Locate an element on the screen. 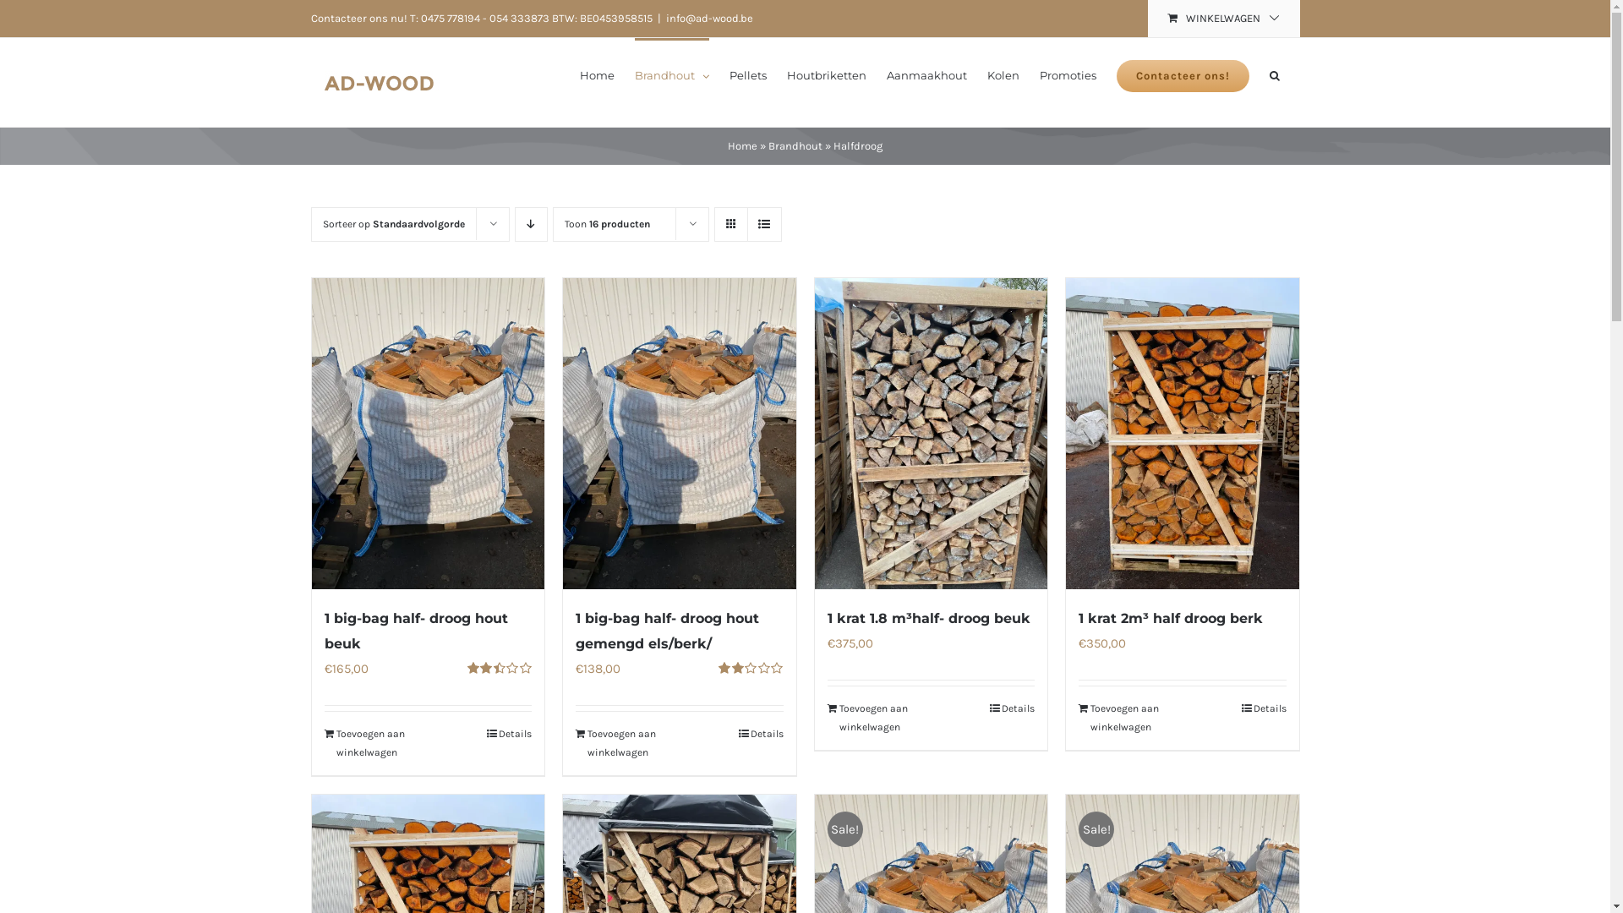  'Pellets' is located at coordinates (746, 74).